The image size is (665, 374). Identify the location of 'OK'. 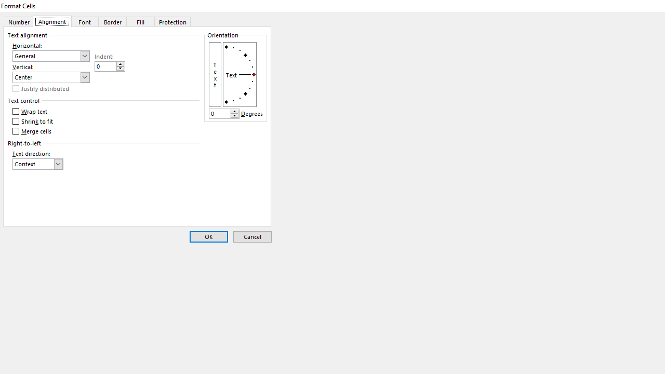
(208, 237).